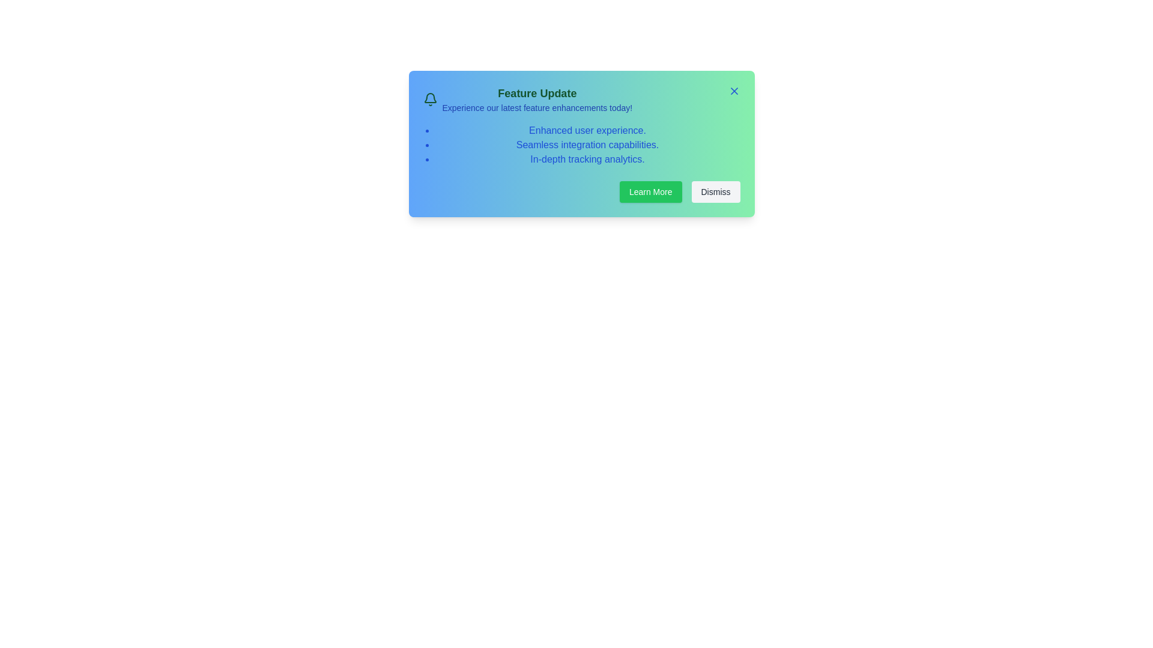  I want to click on the 'Learn More' button to learn more about the feature, so click(650, 191).